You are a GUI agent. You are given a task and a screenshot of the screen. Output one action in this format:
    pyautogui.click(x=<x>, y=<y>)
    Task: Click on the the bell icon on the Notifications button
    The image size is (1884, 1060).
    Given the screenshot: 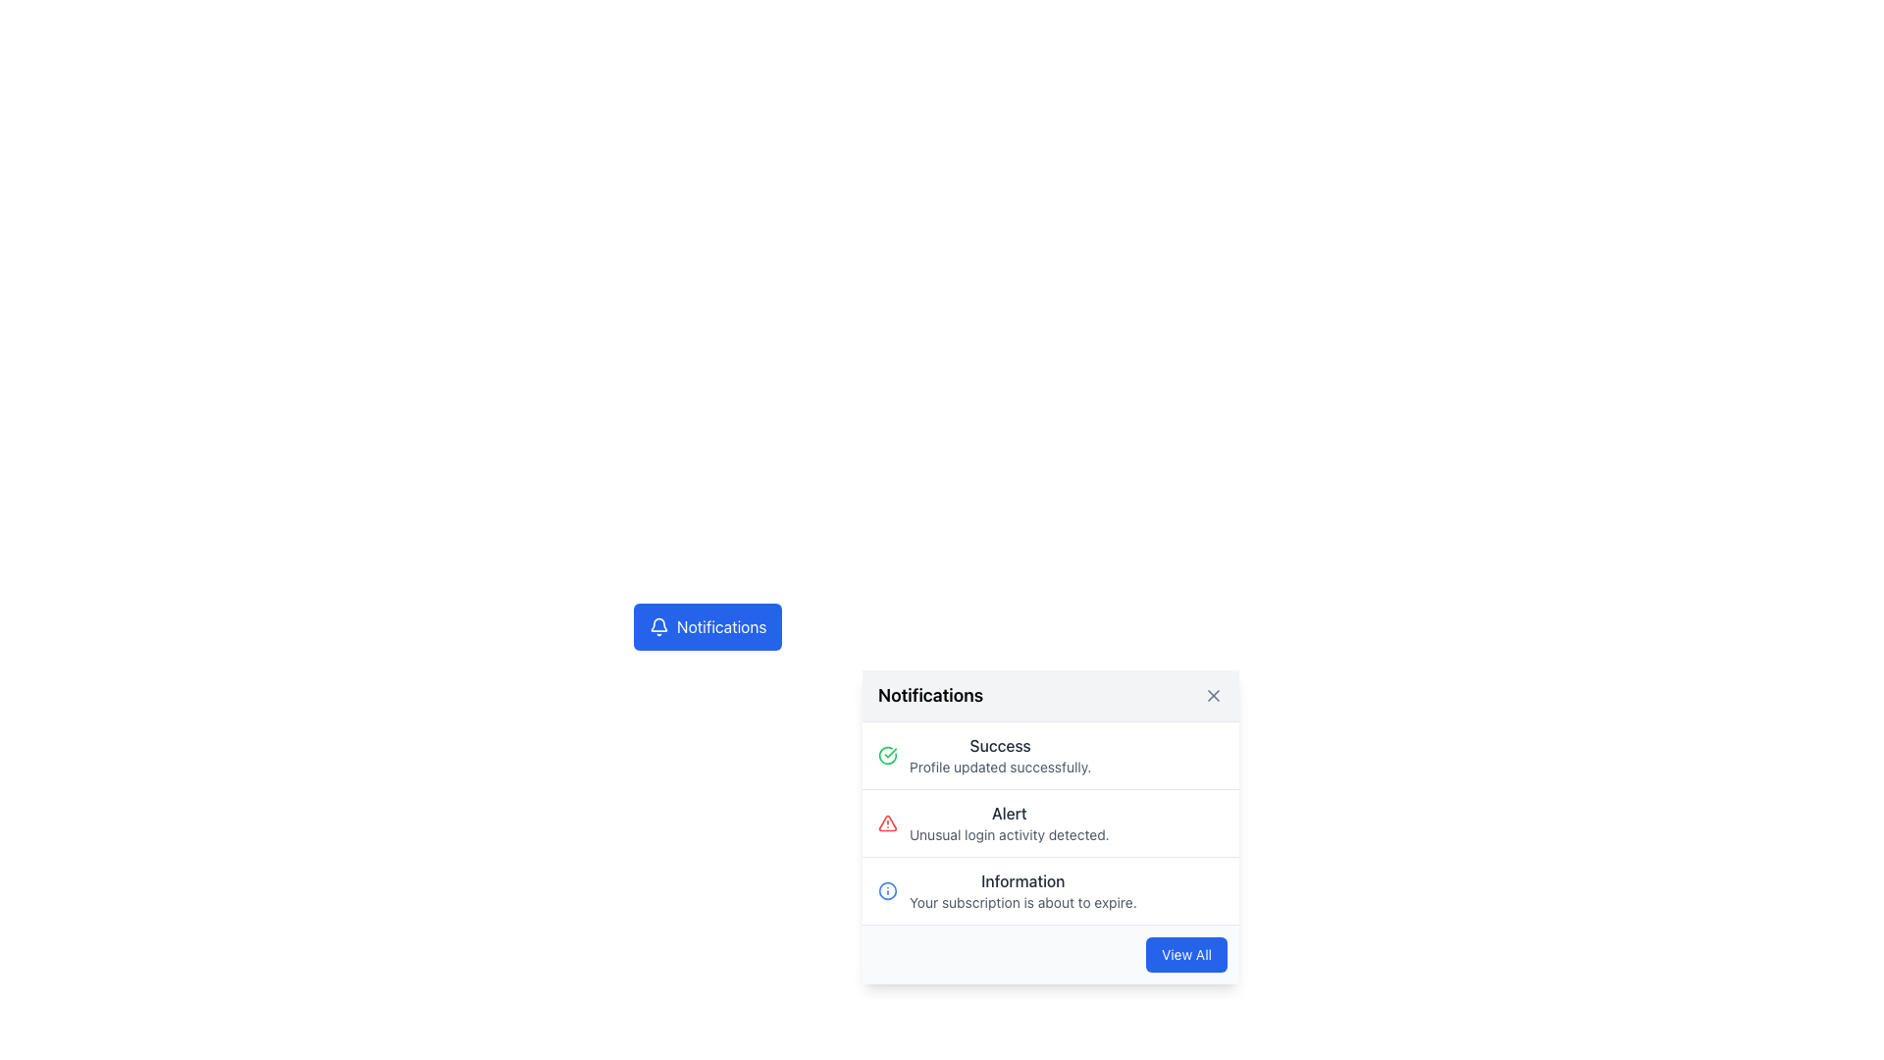 What is the action you would take?
    pyautogui.click(x=659, y=627)
    